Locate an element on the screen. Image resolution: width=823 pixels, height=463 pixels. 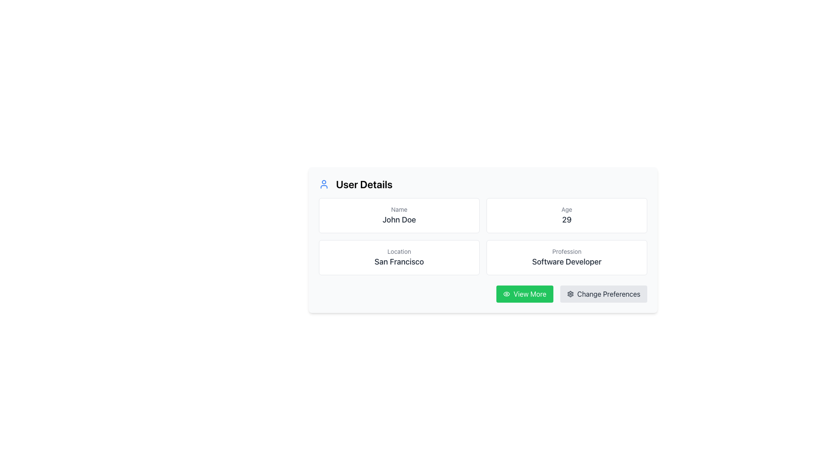
the leftmost icon within the 'View More' button is located at coordinates (507, 294).